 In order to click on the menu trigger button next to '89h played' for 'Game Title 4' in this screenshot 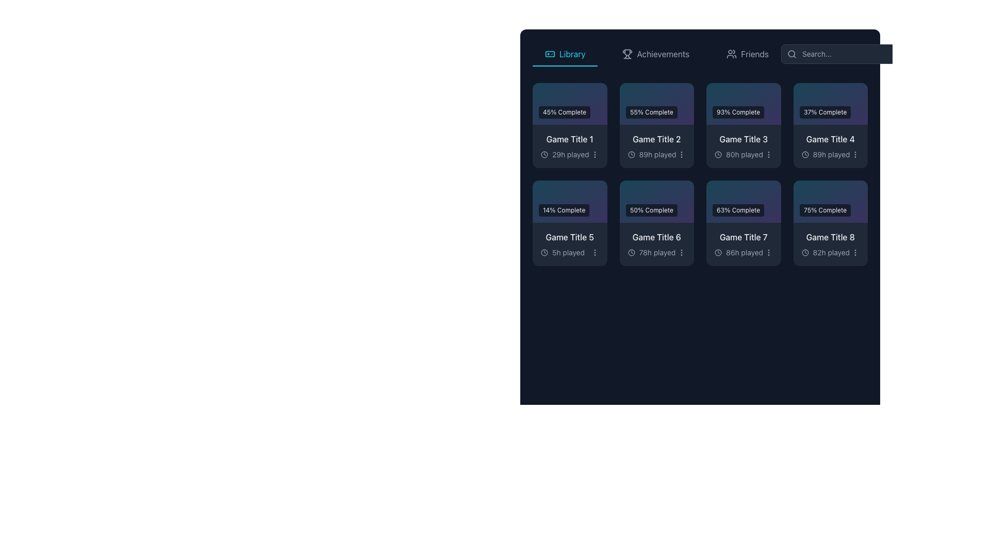, I will do `click(855, 155)`.